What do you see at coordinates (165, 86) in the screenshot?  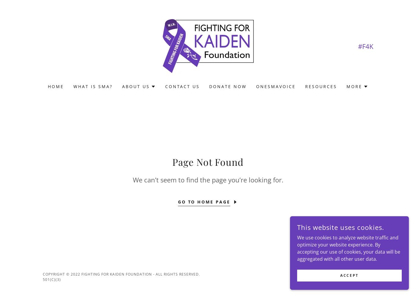 I see `'Contact Us'` at bounding box center [165, 86].